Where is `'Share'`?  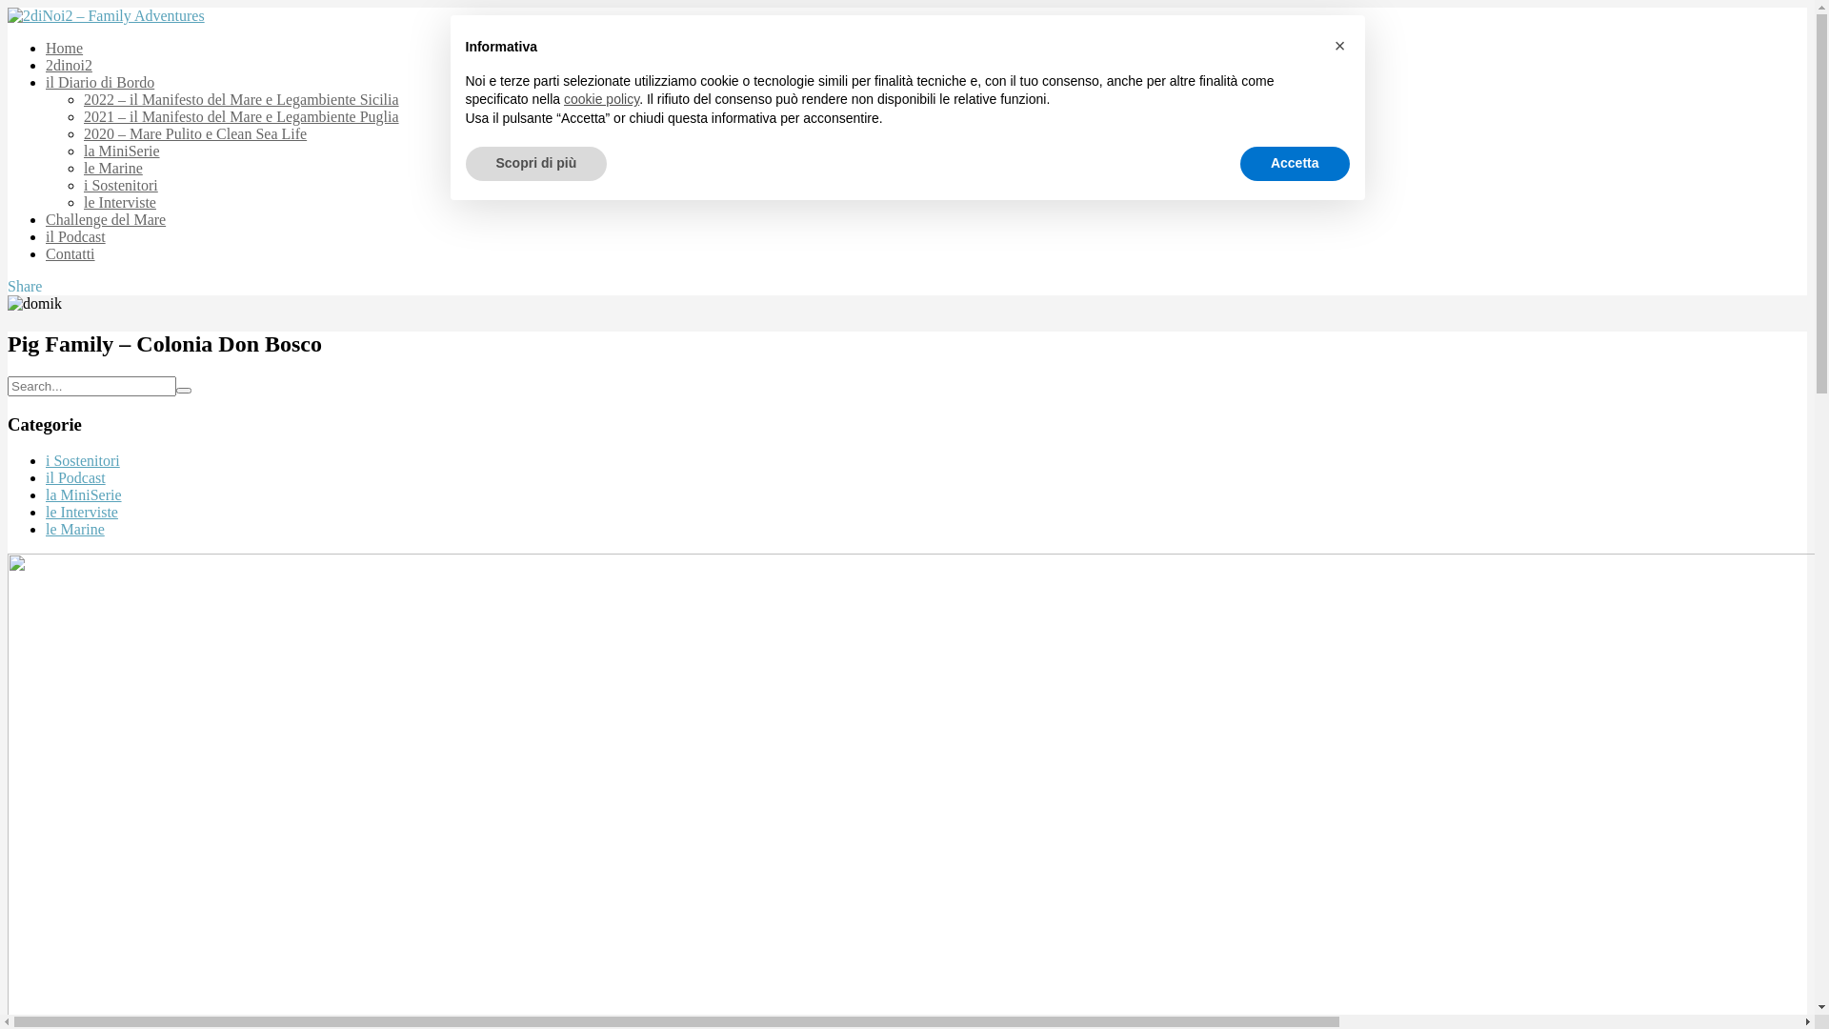 'Share' is located at coordinates (24, 286).